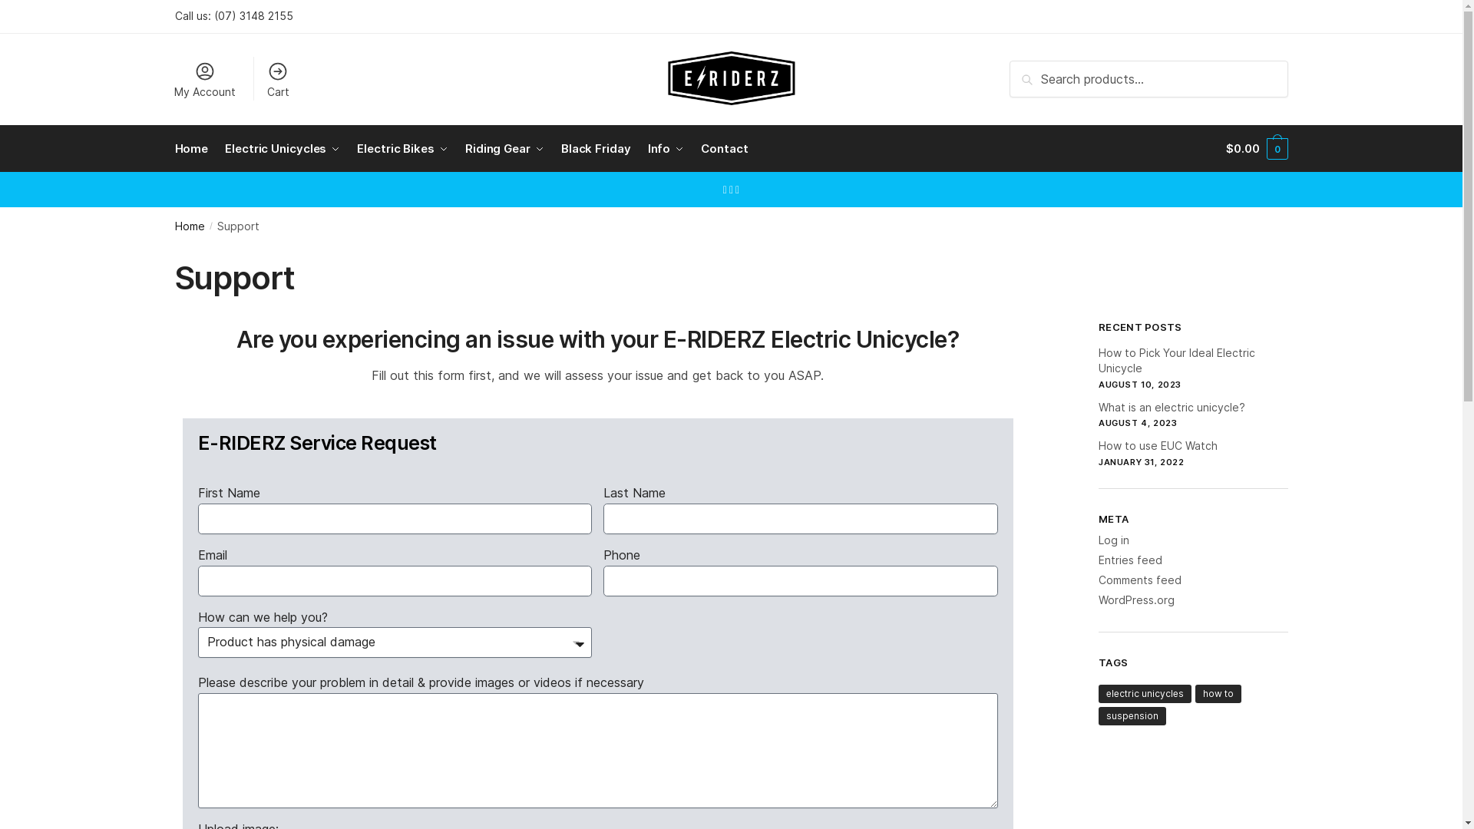  I want to click on 'Cart', so click(258, 79).